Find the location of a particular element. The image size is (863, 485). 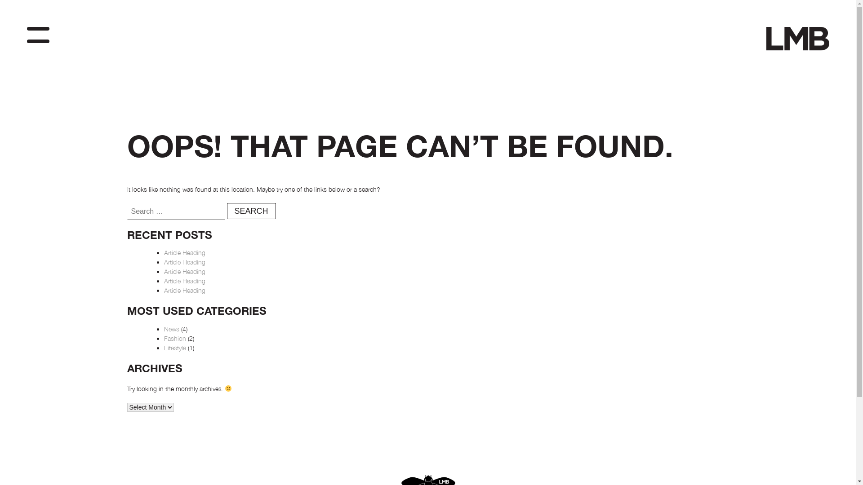

'Article Heading' is located at coordinates (164, 290).